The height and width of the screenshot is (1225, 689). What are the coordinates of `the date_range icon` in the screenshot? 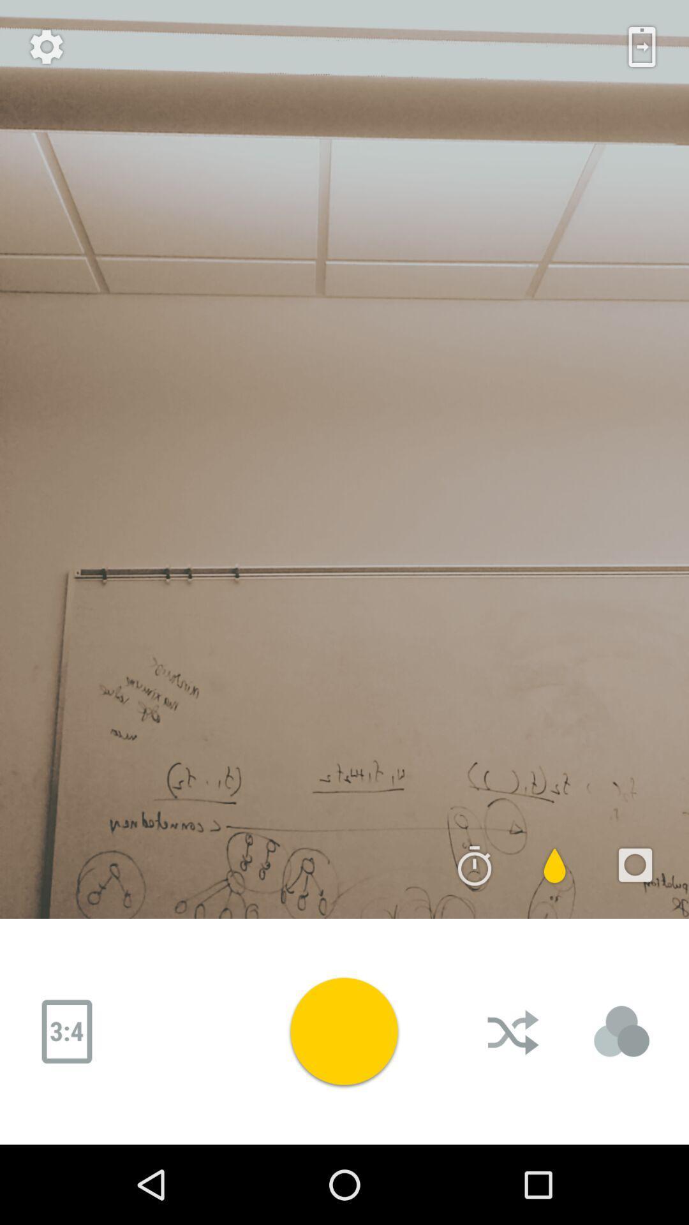 It's located at (66, 1032).